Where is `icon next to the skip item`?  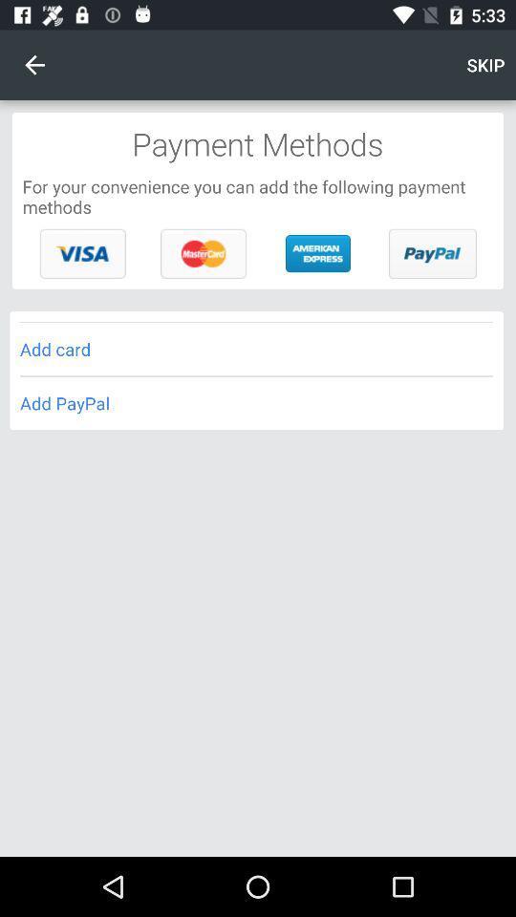
icon next to the skip item is located at coordinates (34, 65).